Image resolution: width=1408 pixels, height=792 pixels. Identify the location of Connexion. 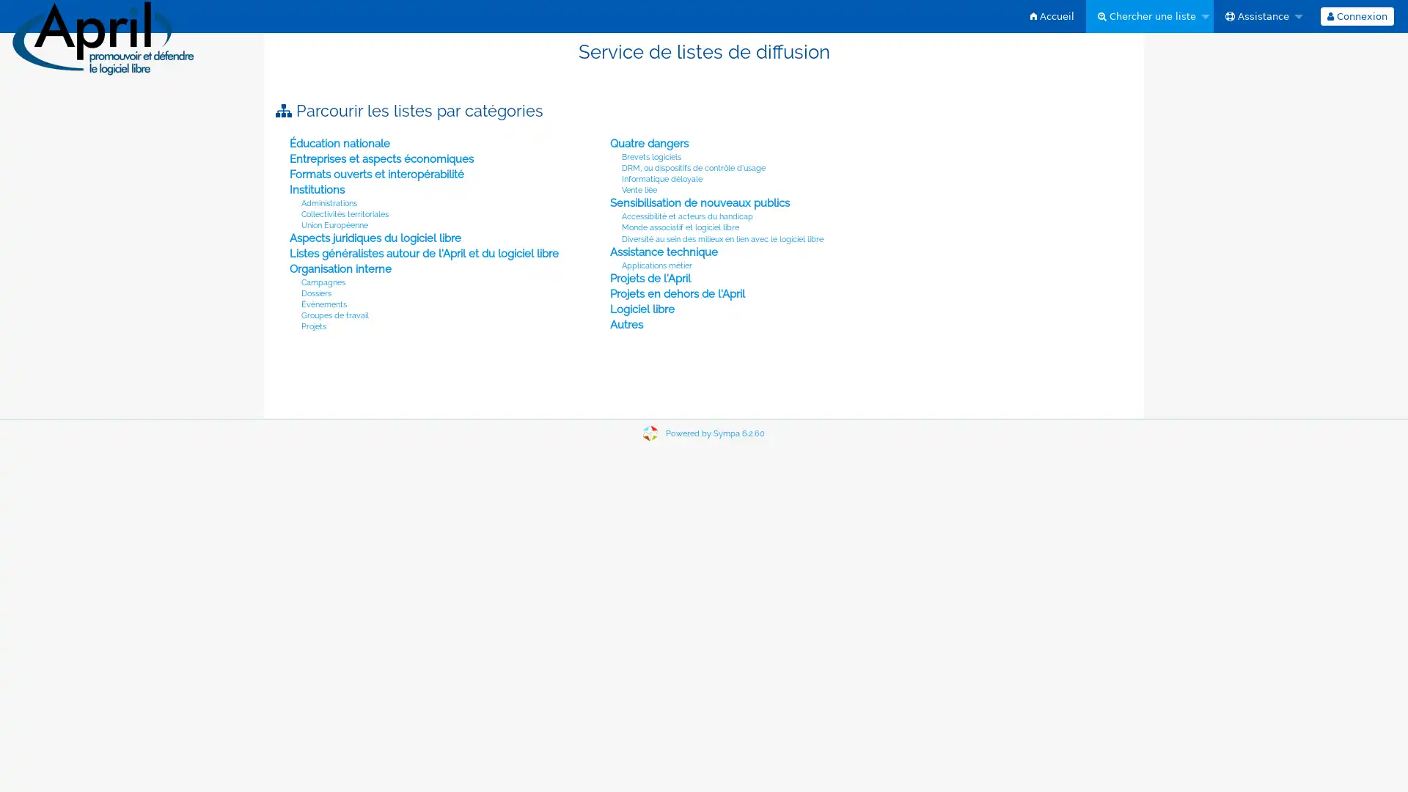
(1355, 16).